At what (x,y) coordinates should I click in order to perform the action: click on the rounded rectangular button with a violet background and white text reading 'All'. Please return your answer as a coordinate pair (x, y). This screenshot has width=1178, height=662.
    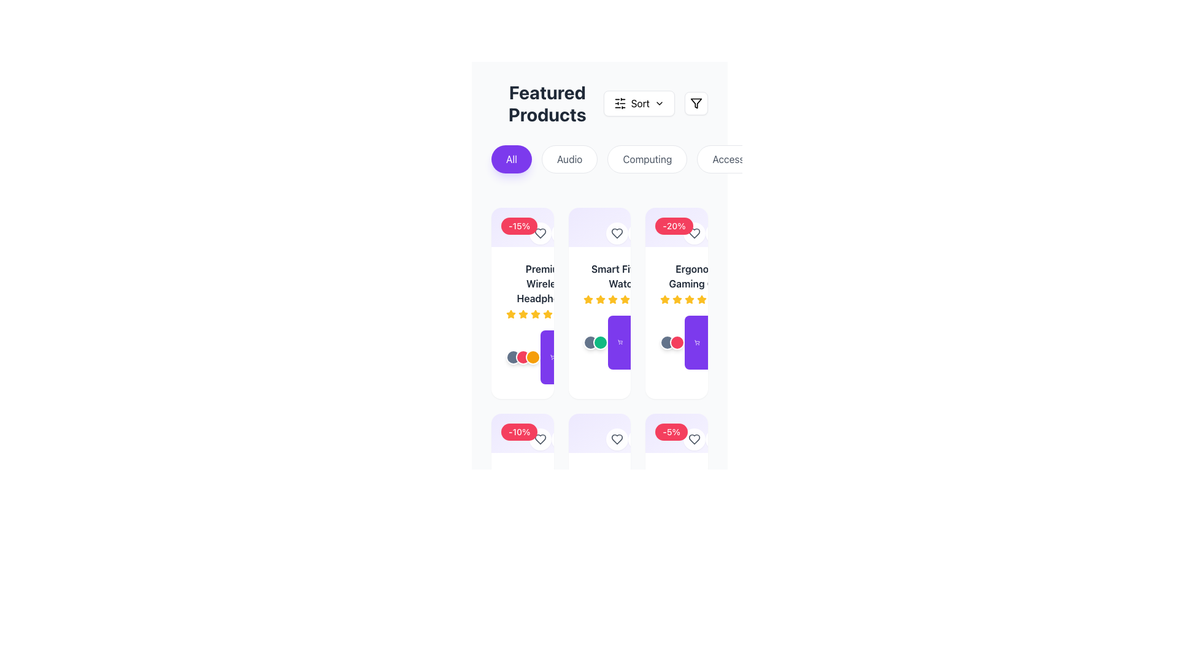
    Looking at the image, I should click on (512, 158).